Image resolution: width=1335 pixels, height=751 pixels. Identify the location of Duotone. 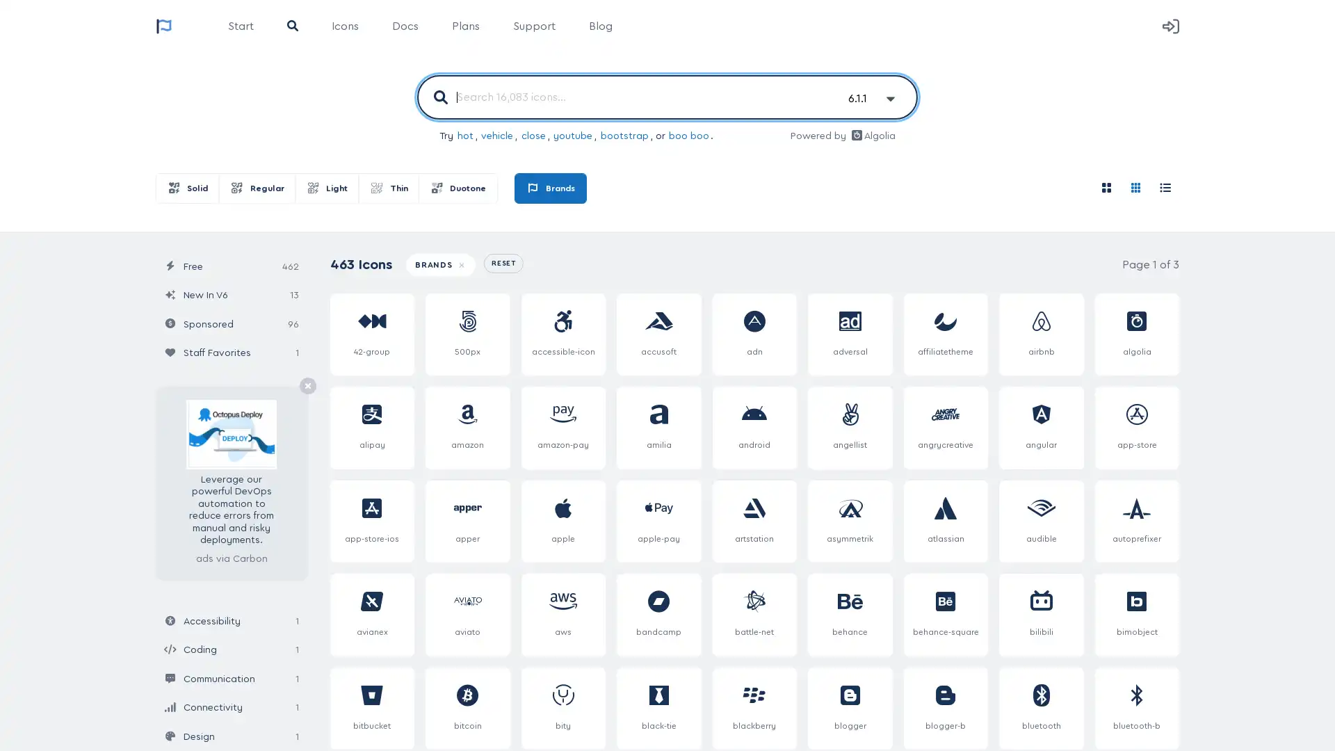
(568, 193).